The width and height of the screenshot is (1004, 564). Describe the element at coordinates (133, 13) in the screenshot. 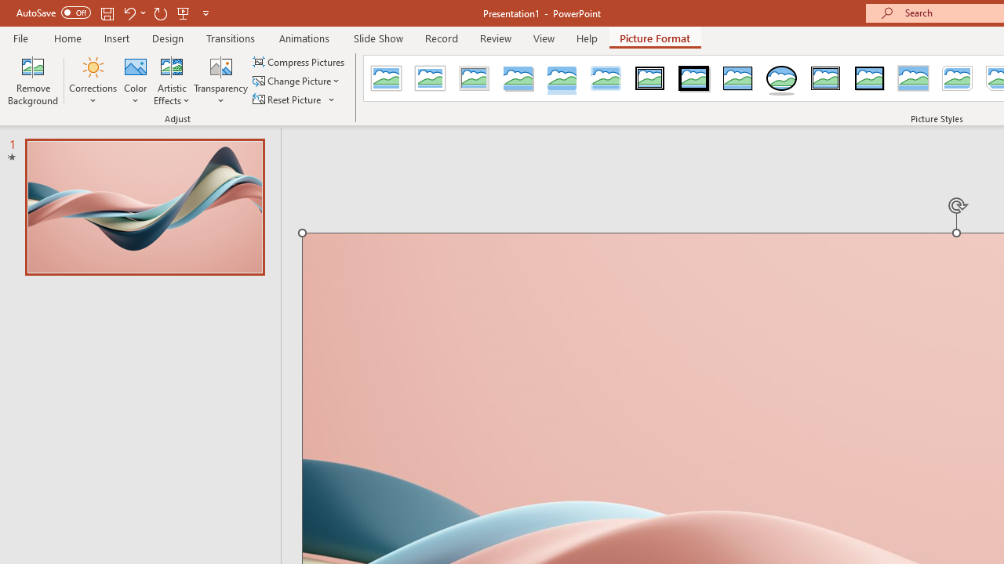

I see `'Undo'` at that location.